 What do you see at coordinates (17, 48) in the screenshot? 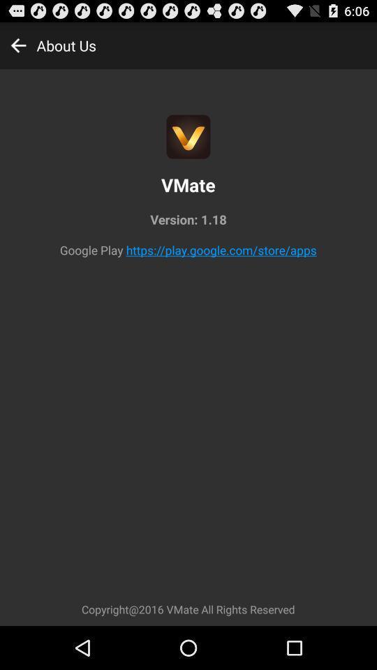
I see `the arrow_backward icon` at bounding box center [17, 48].